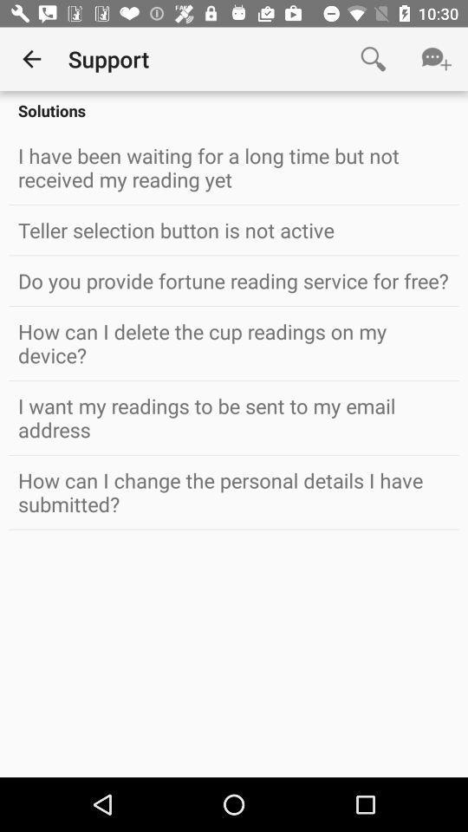 The image size is (468, 832). Describe the element at coordinates (234, 229) in the screenshot. I see `icon below i have been` at that location.